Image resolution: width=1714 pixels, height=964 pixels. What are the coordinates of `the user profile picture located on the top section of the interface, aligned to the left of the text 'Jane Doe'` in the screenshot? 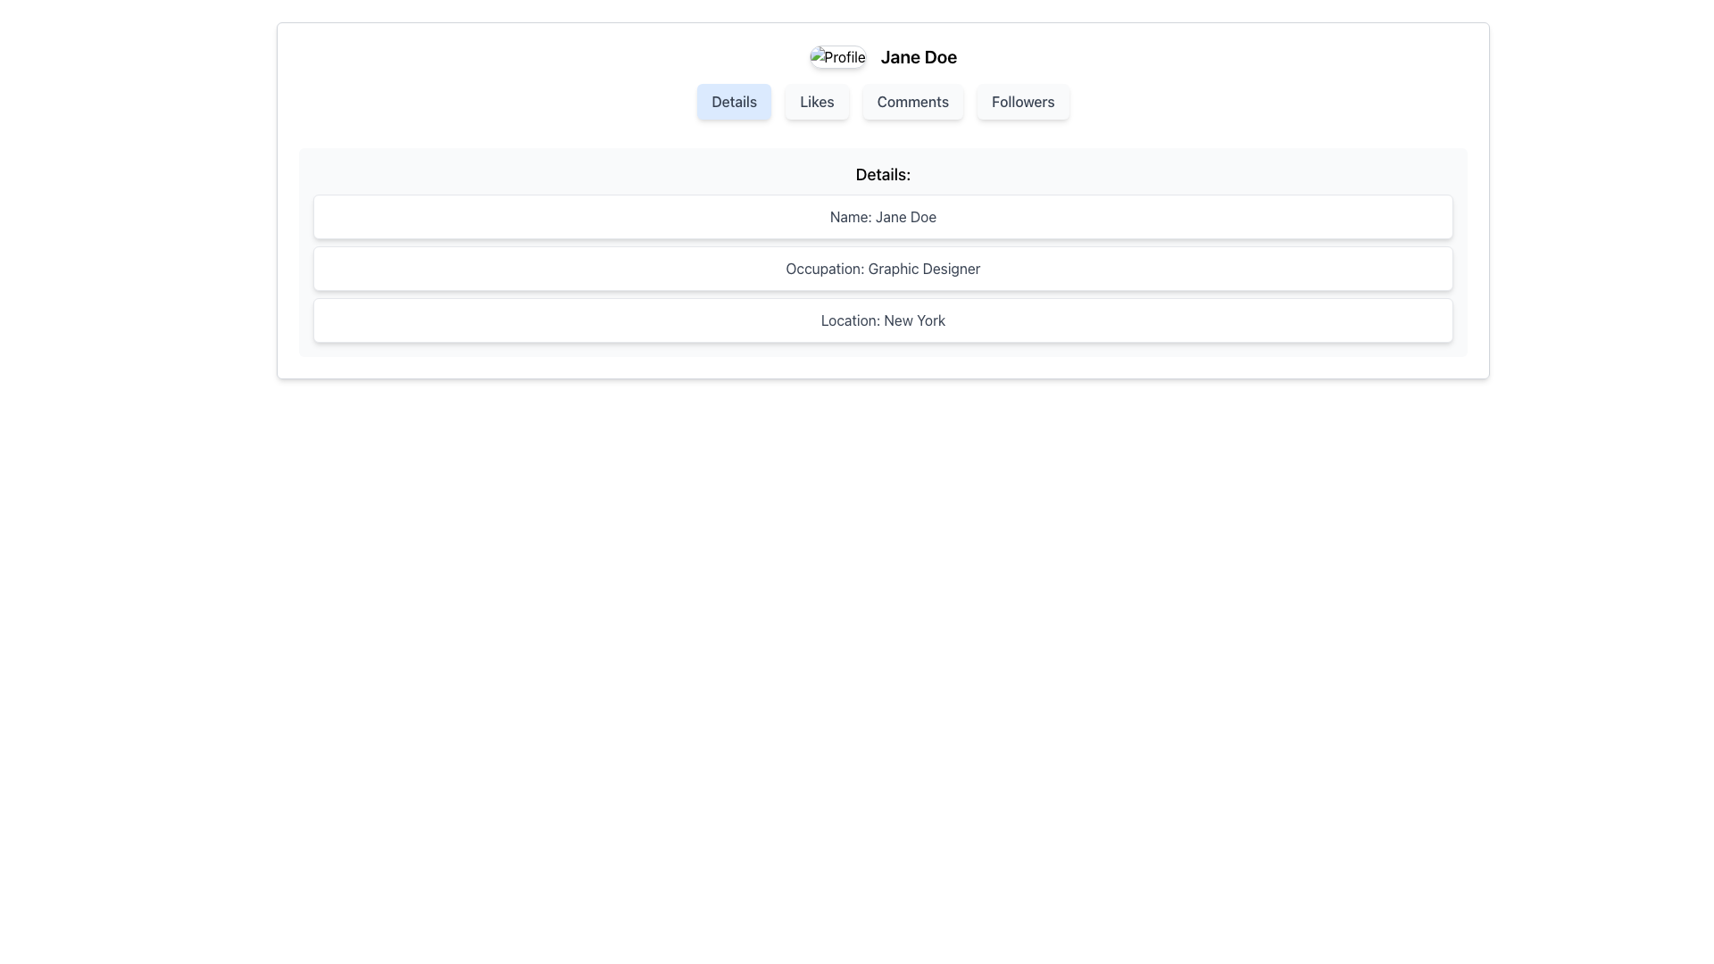 It's located at (836, 56).